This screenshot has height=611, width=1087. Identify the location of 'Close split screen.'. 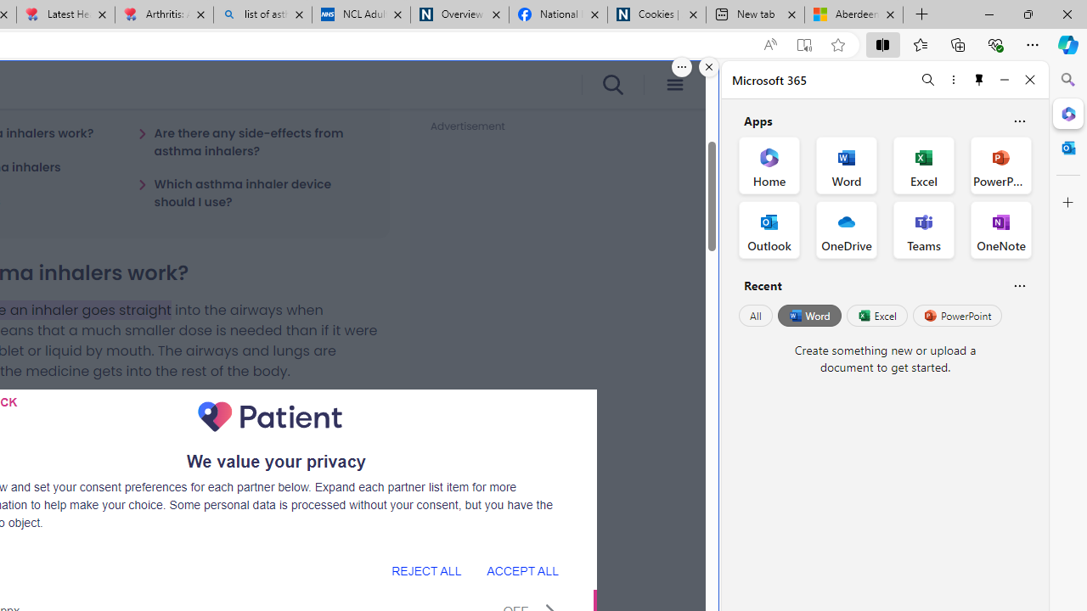
(709, 66).